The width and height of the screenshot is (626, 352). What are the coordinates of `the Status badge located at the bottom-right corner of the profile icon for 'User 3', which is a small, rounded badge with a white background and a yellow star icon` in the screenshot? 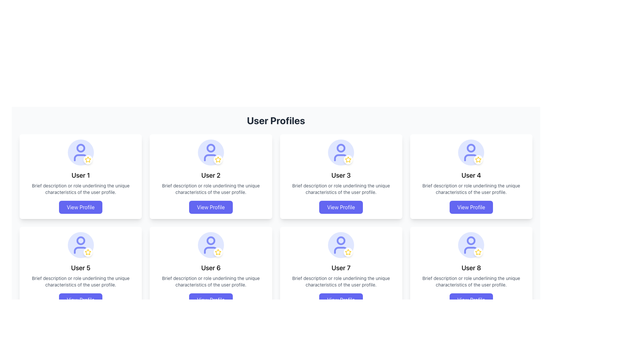 It's located at (348, 159).